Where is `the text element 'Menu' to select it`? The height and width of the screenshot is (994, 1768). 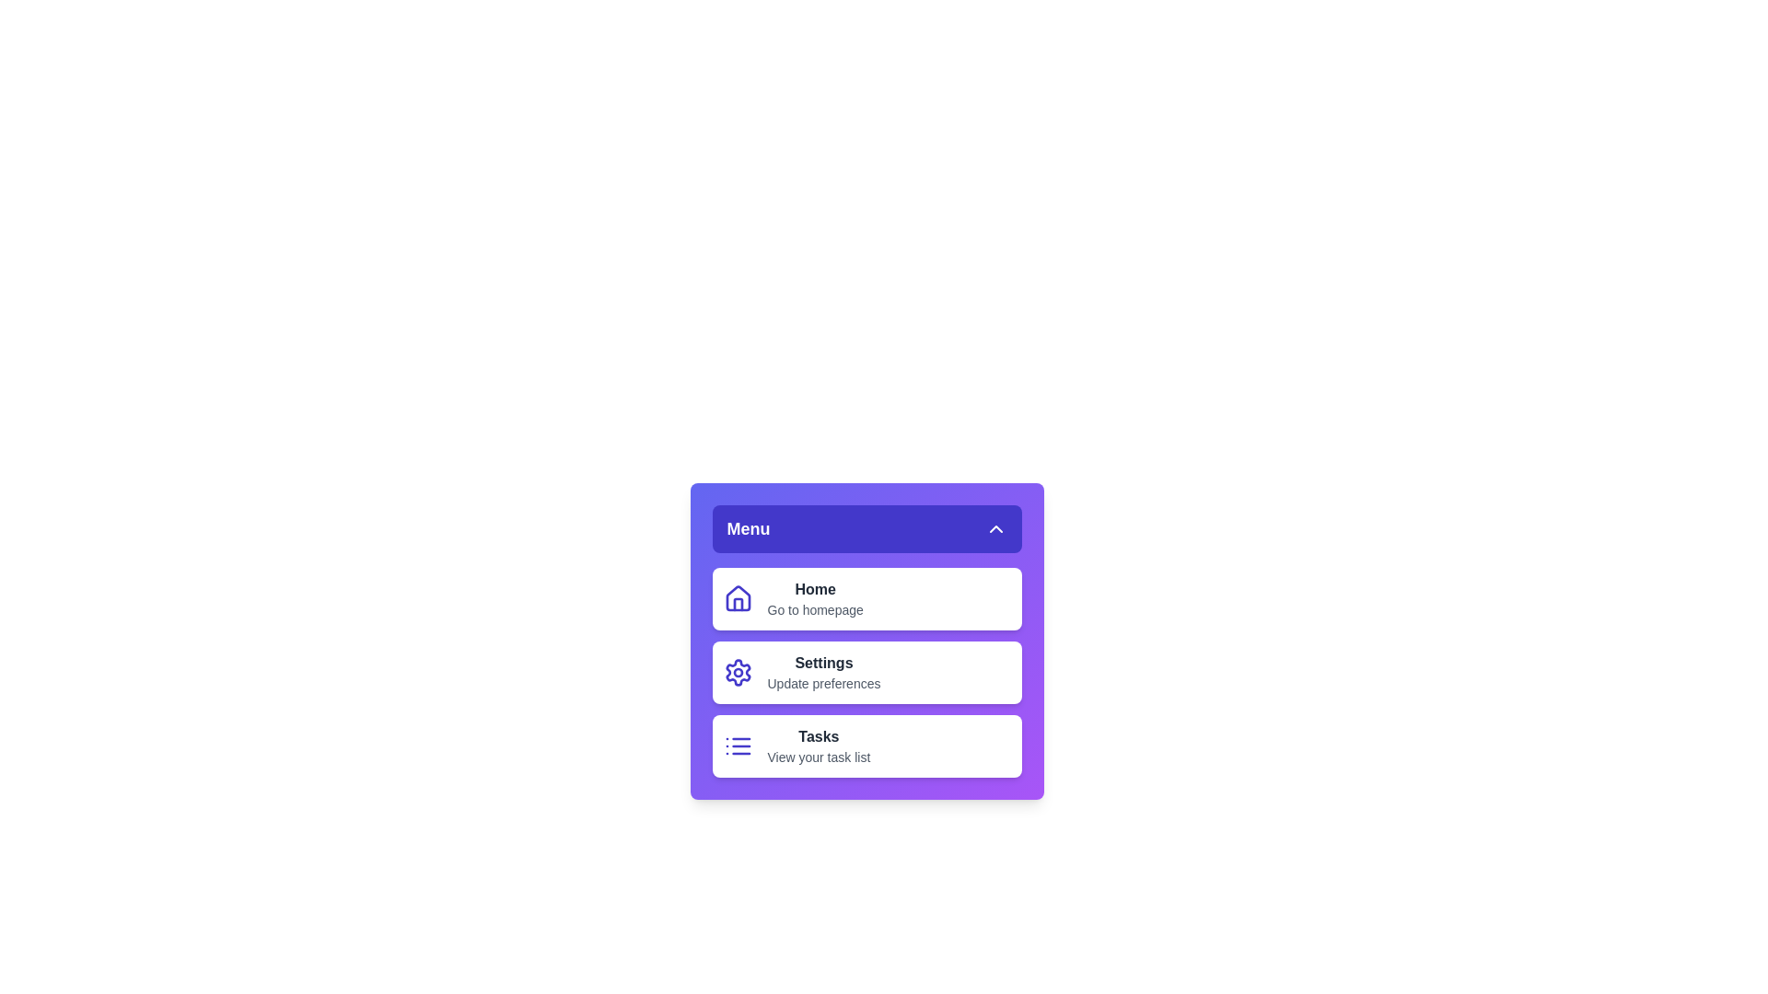 the text element 'Menu' to select it is located at coordinates (748, 528).